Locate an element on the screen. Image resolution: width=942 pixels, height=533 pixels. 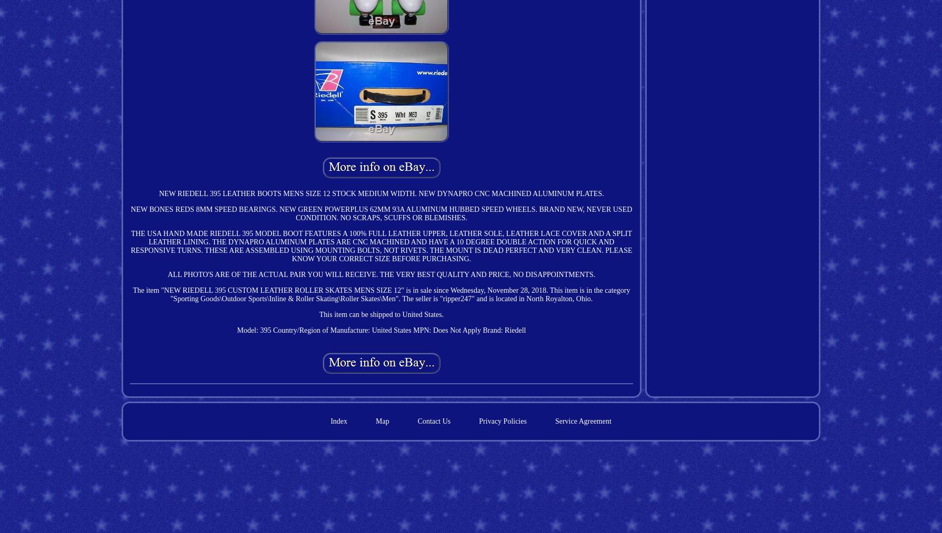
'Brand: Riedell' is located at coordinates (504, 330).